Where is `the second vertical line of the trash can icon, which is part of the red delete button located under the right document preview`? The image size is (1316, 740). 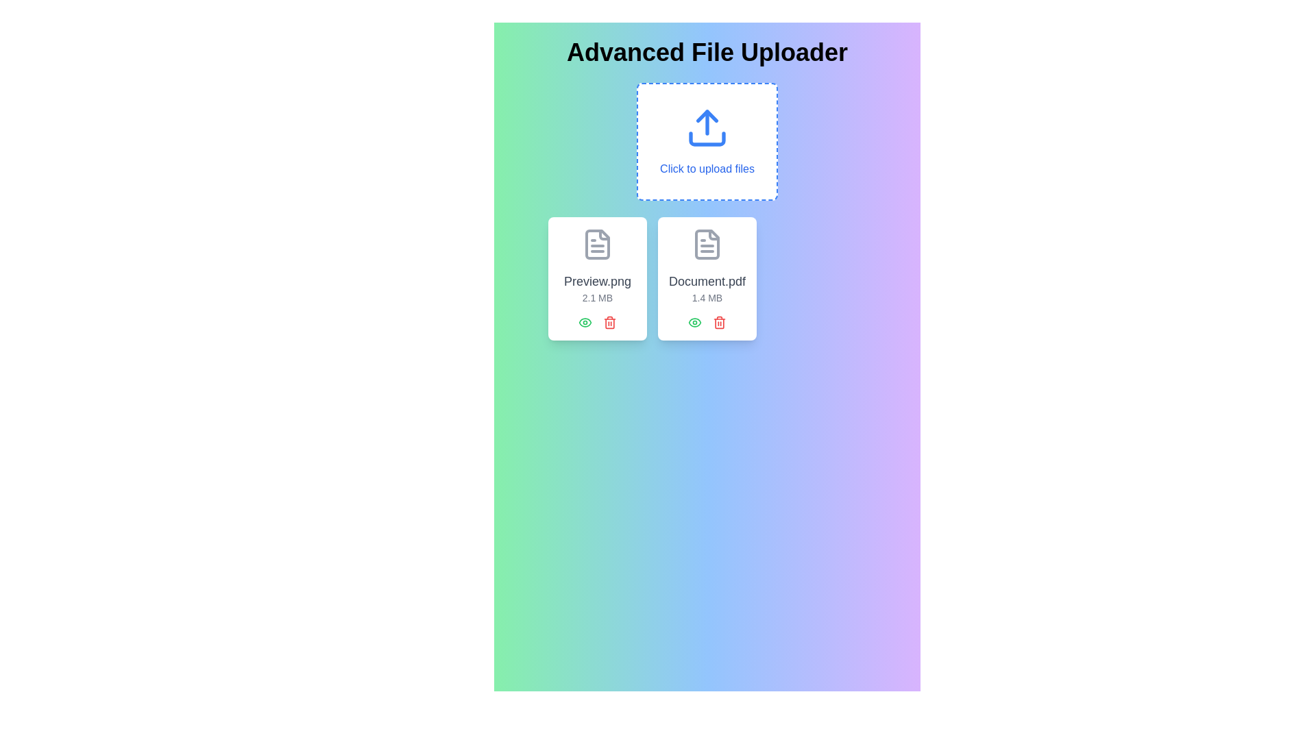 the second vertical line of the trash can icon, which is part of the red delete button located under the right document preview is located at coordinates (719, 323).